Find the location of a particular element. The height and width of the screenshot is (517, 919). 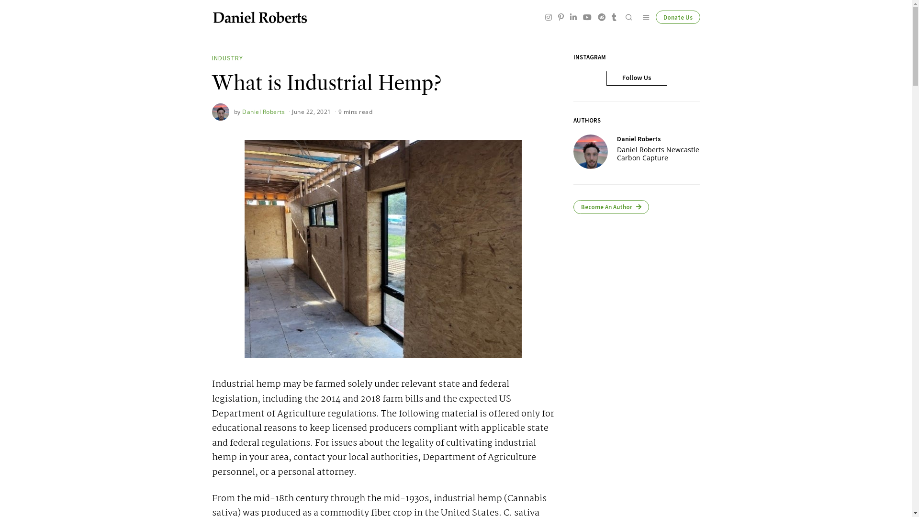

'Daniel Roberts' is located at coordinates (590, 151).